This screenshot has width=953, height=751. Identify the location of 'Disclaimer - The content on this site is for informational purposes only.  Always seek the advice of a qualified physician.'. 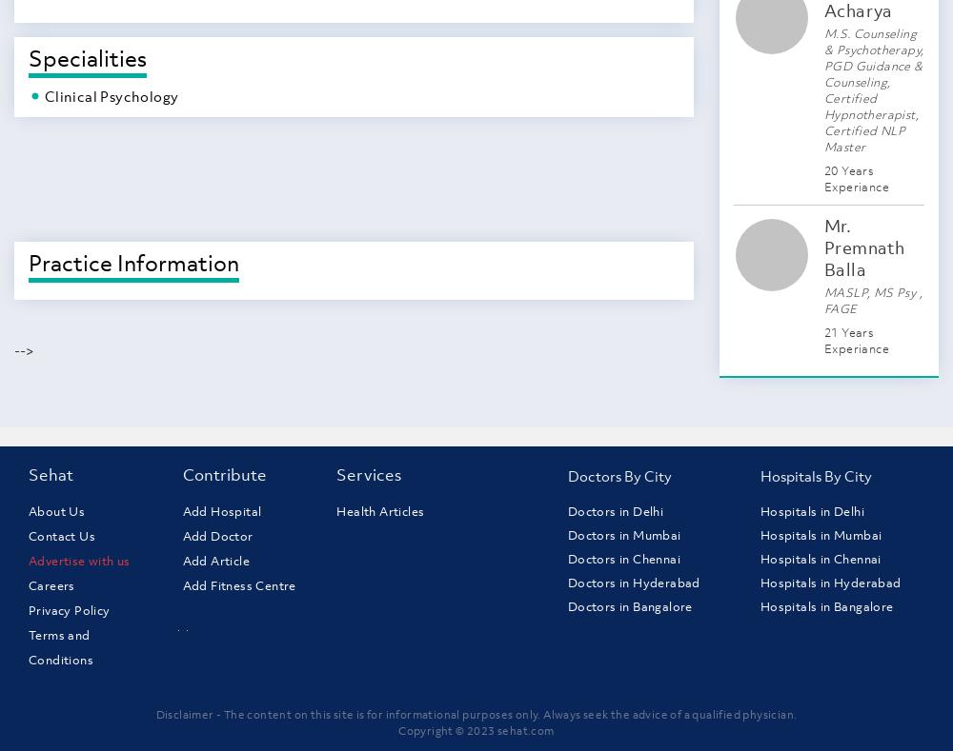
(475, 714).